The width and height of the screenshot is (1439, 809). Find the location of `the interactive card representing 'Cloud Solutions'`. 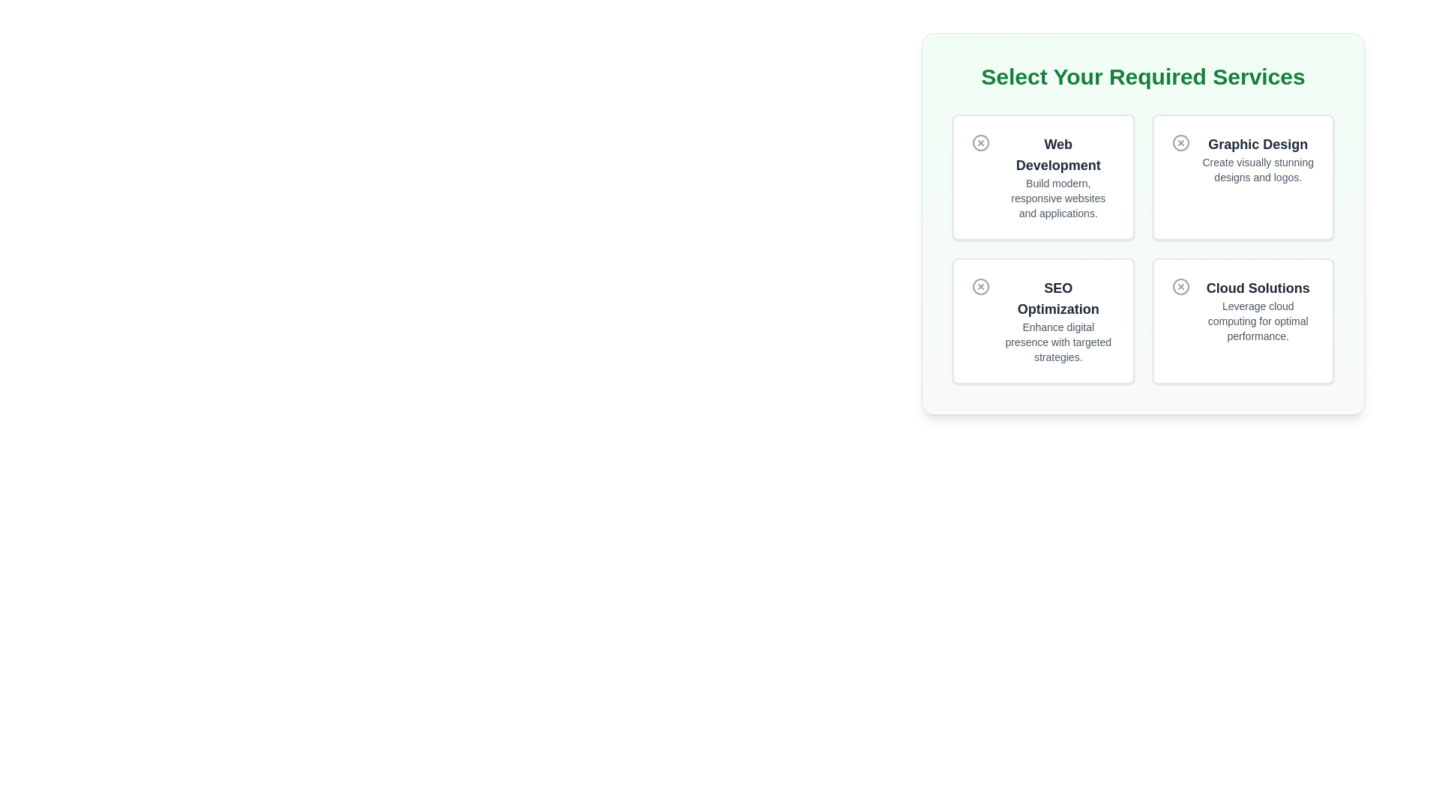

the interactive card representing 'Cloud Solutions' is located at coordinates (1243, 320).